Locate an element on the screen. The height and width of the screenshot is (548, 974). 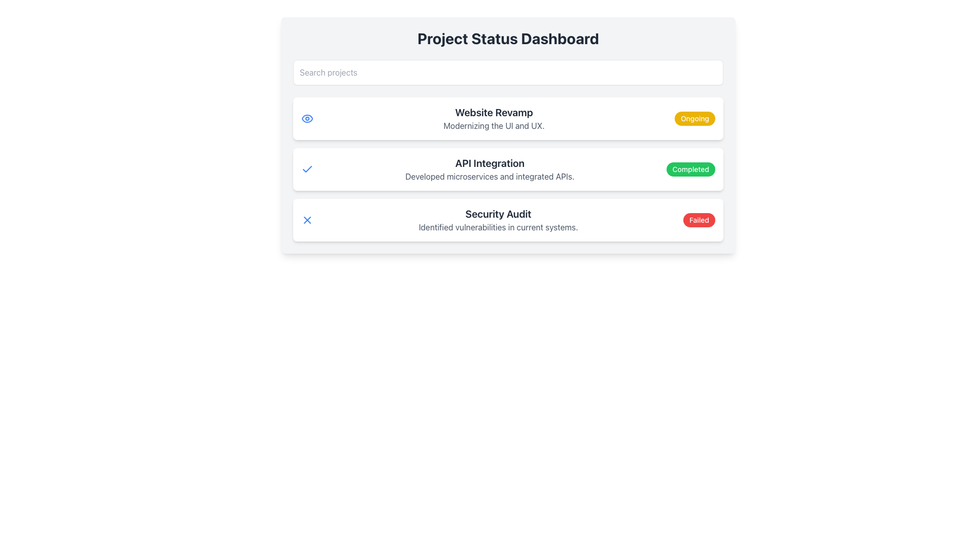
the 'Security Audit' text label, which serves as a heading in the section above the companion text describing identified vulnerabilities is located at coordinates (498, 213).